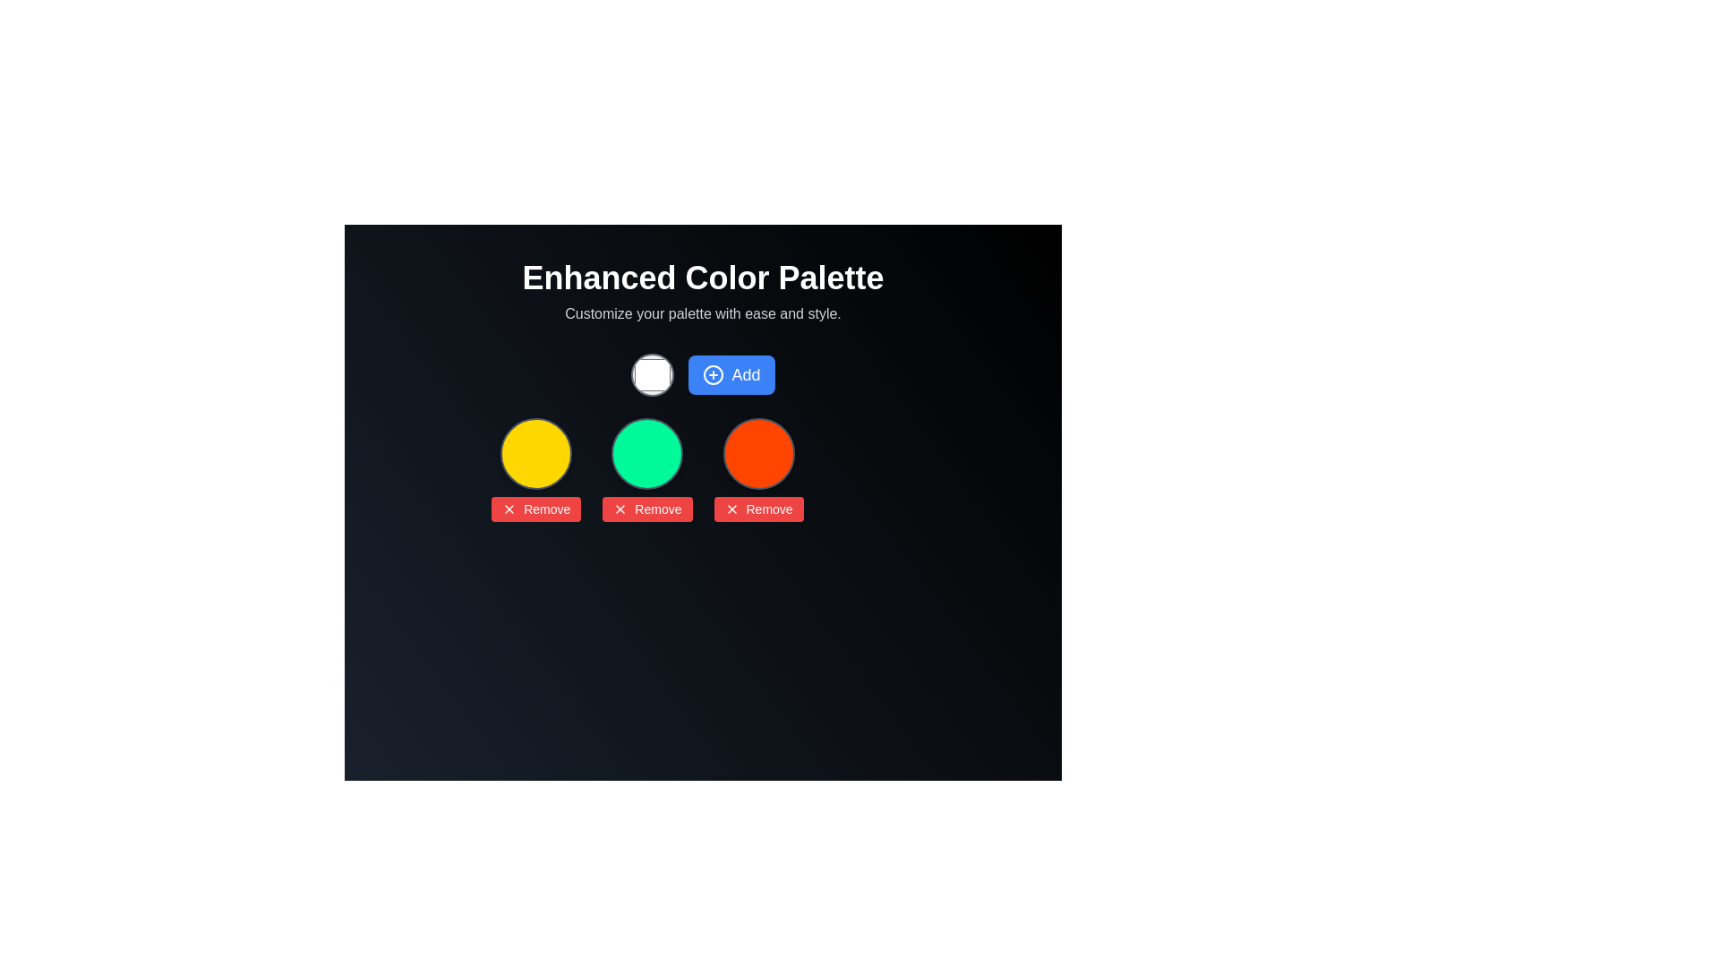 Image resolution: width=1719 pixels, height=967 pixels. I want to click on the 'Remove' button of the third Interactive UI element, which visually represents a removal action, so click(758, 468).